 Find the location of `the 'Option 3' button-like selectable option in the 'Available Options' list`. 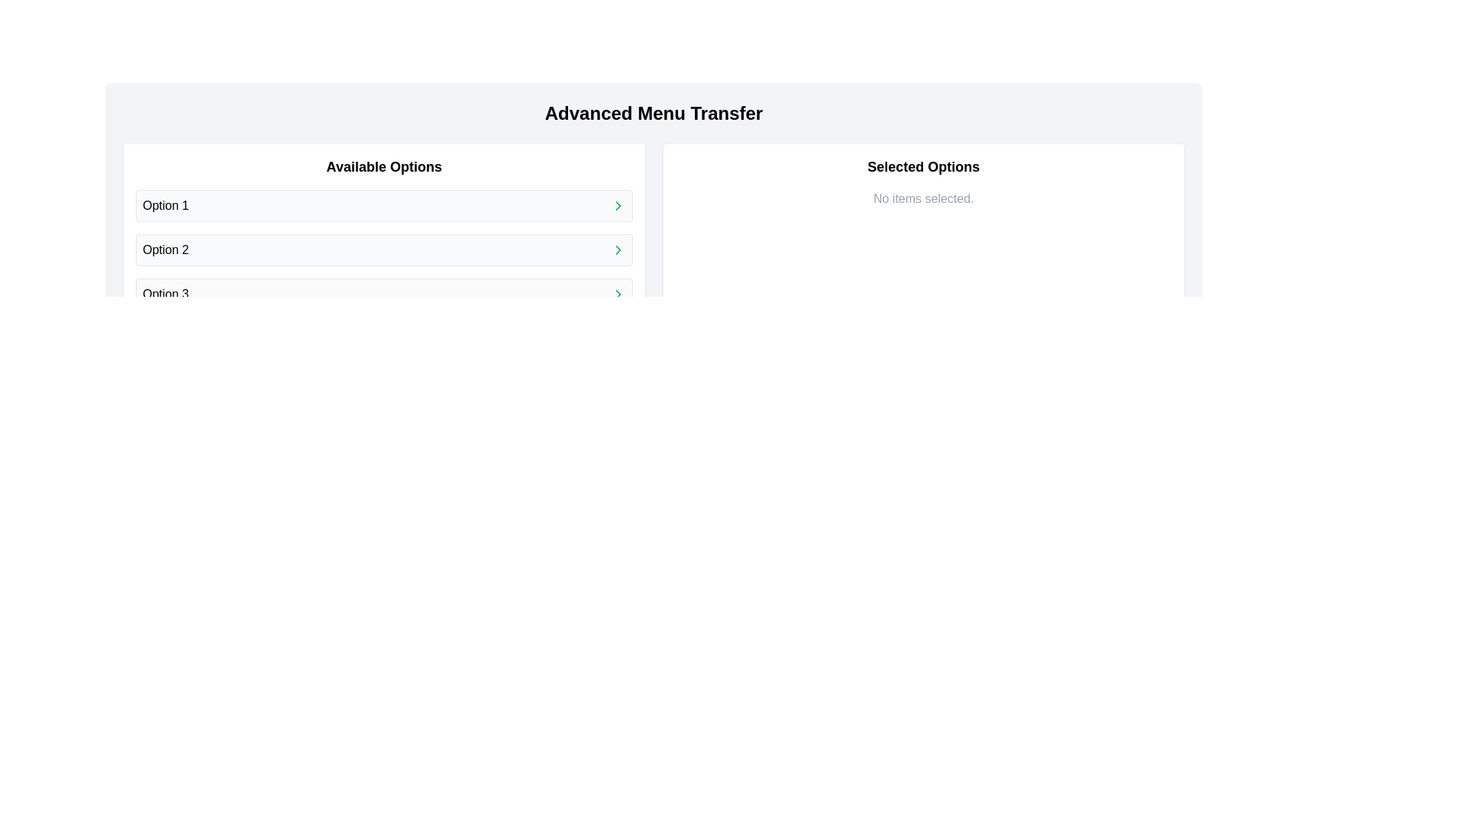

the 'Option 3' button-like selectable option in the 'Available Options' list is located at coordinates (384, 294).